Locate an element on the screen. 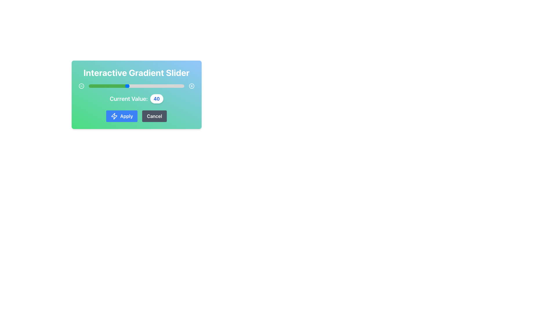  the slider is located at coordinates (158, 86).